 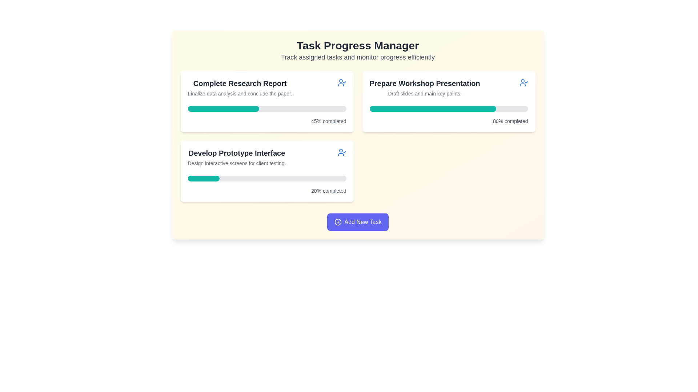 I want to click on the teal segment of the progress bar in the card titled 'Prepare Workshop Presentation', which is located at the center-right of the layout, so click(x=433, y=109).